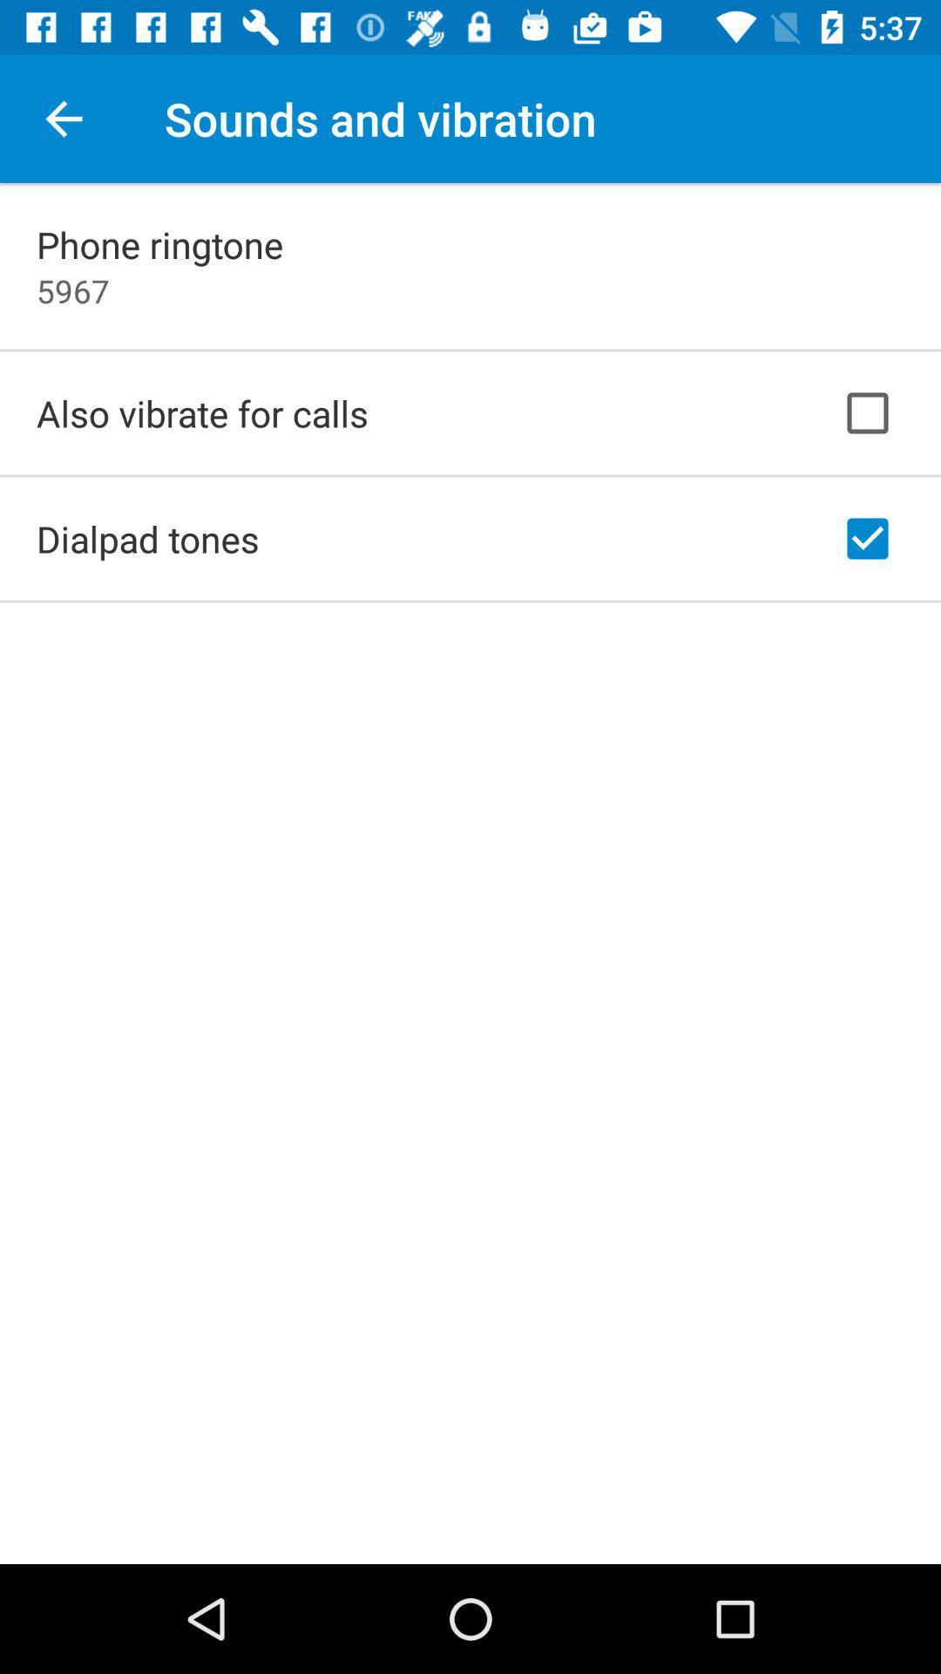 This screenshot has width=941, height=1674. I want to click on the icon below 5967 item, so click(201, 412).